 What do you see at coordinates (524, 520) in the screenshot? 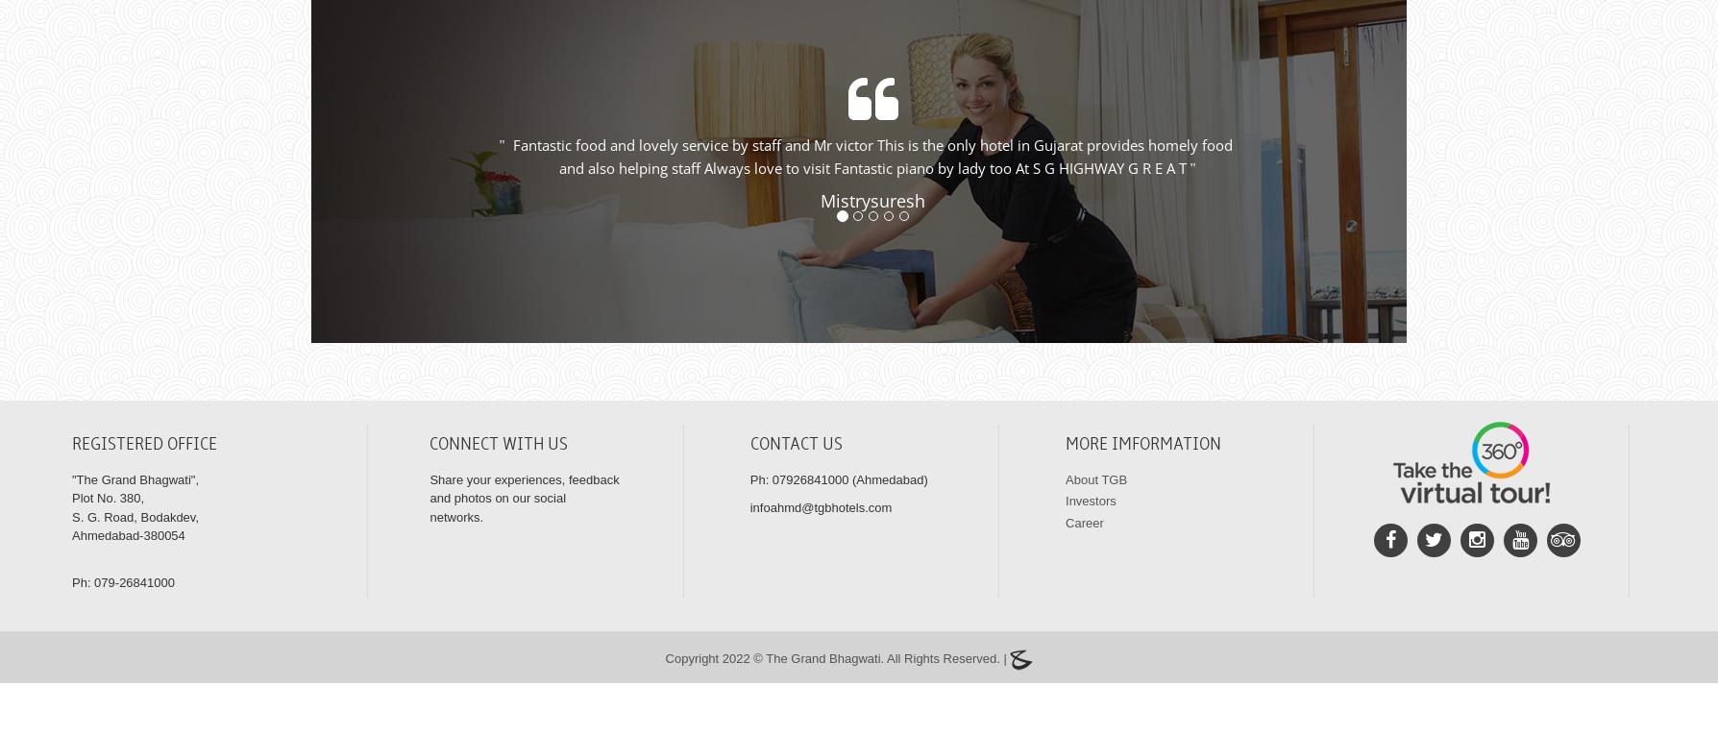
I see `'Share your experiences, feedback and photos on our social networks.'` at bounding box center [524, 520].